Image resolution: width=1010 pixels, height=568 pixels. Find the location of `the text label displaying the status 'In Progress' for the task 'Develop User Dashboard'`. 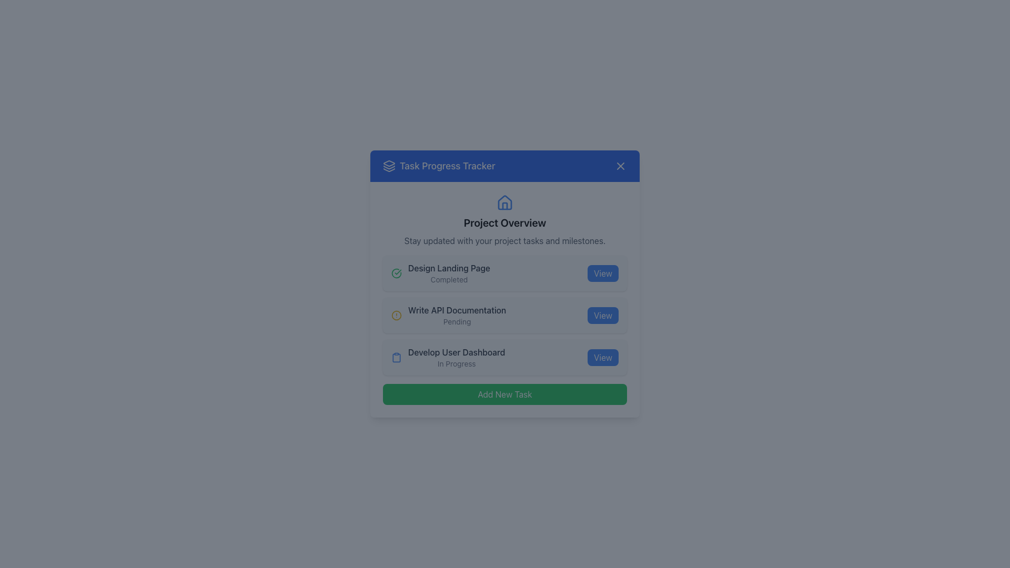

the text label displaying the status 'In Progress' for the task 'Develop User Dashboard' is located at coordinates (457, 363).